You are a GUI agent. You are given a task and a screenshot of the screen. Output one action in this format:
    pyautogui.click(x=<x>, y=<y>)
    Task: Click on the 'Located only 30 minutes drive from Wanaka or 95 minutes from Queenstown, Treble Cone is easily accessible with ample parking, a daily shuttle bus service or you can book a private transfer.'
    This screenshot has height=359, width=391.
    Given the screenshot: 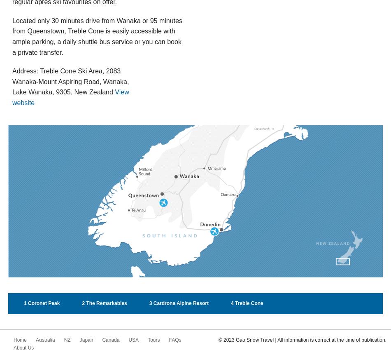 What is the action you would take?
    pyautogui.click(x=97, y=35)
    